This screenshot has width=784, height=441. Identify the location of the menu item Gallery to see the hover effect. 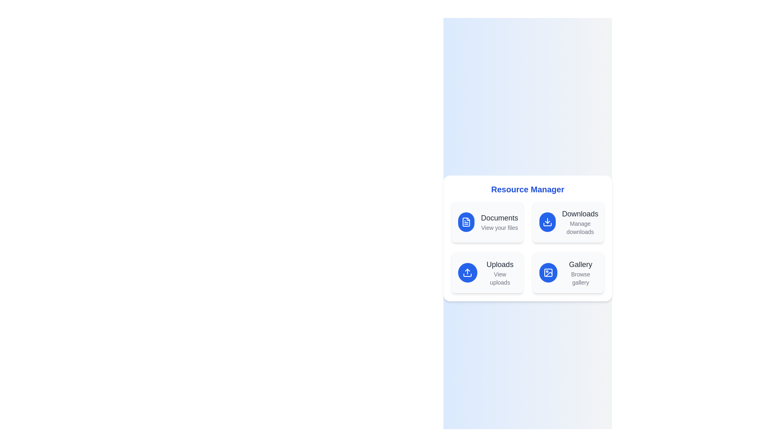
(568, 272).